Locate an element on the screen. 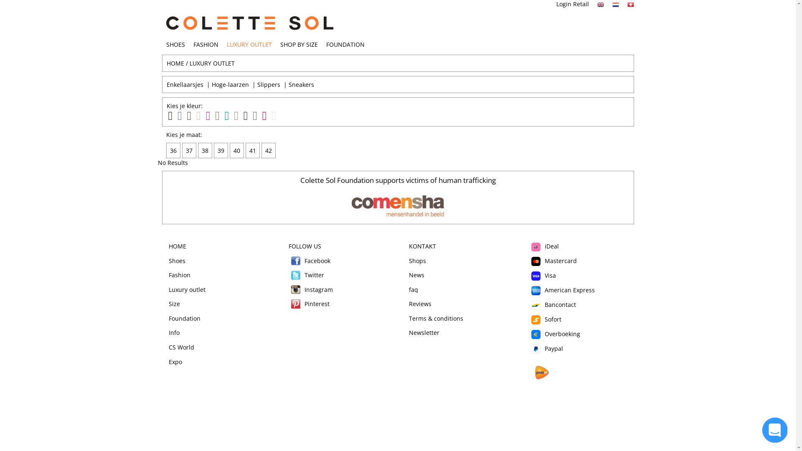  ' Pinterest' is located at coordinates (308, 304).